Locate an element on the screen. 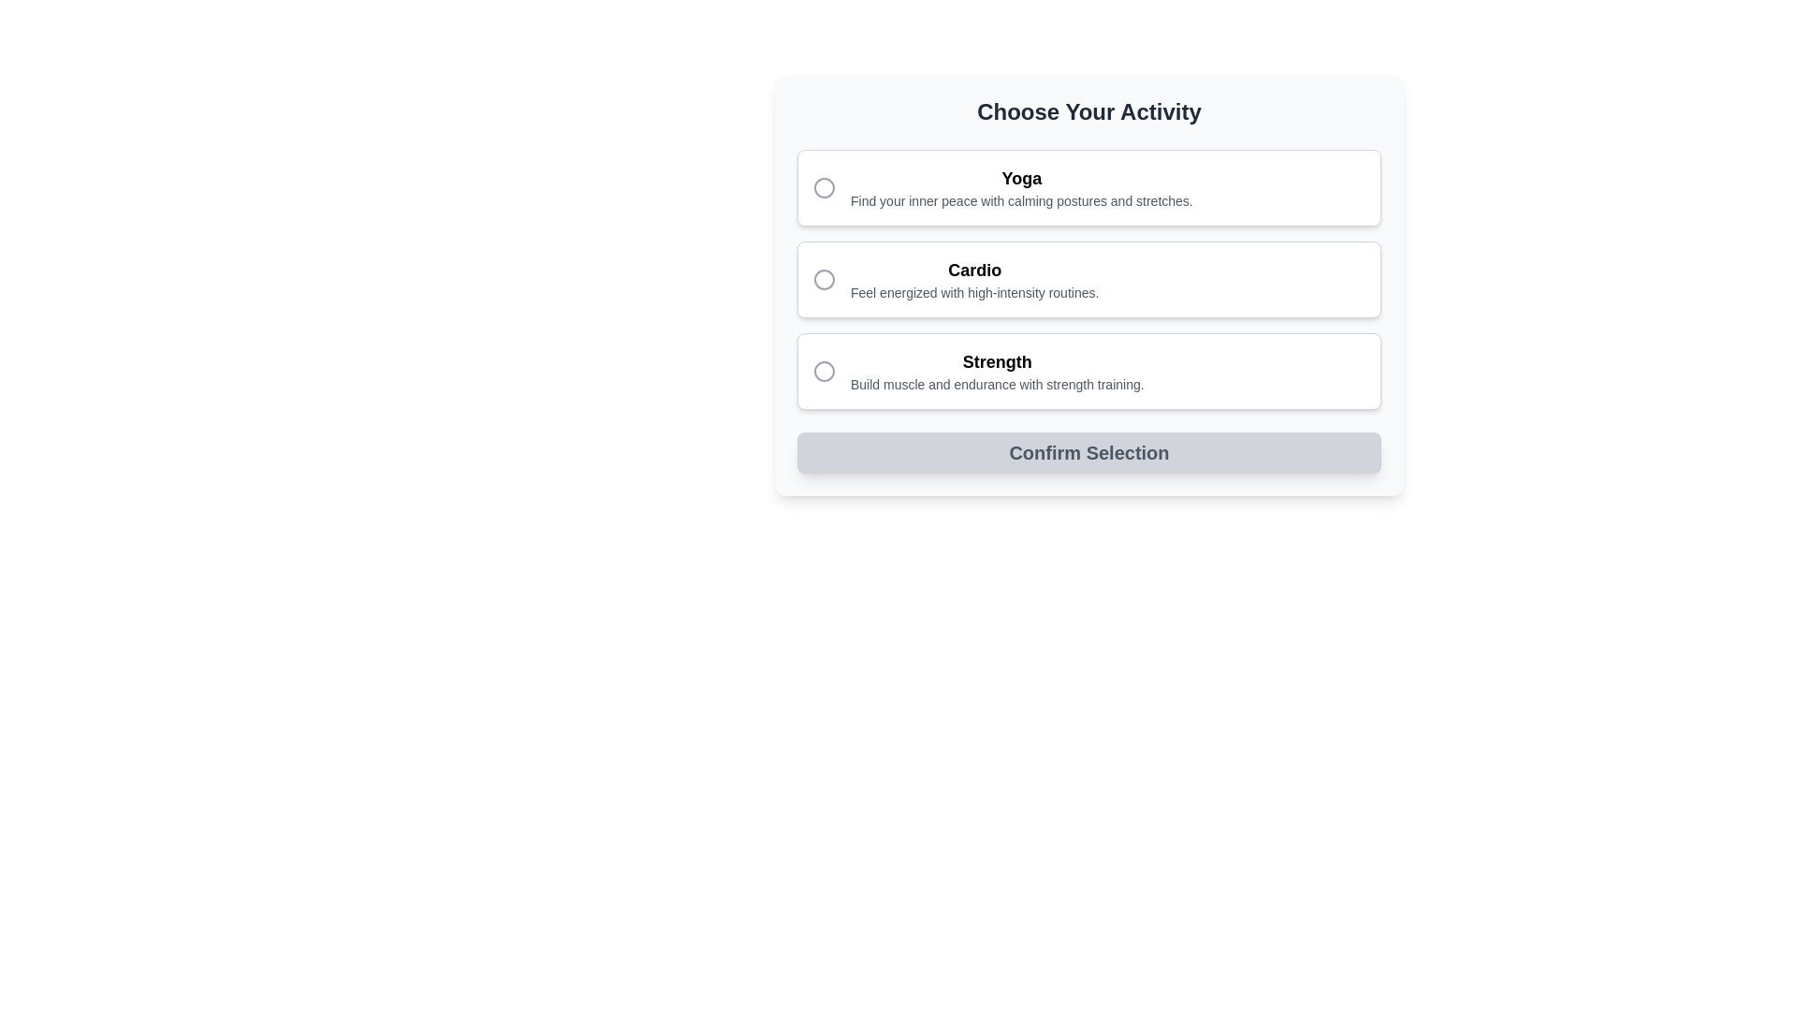 The width and height of the screenshot is (1797, 1011). the Radio button indicator is located at coordinates (824, 187).